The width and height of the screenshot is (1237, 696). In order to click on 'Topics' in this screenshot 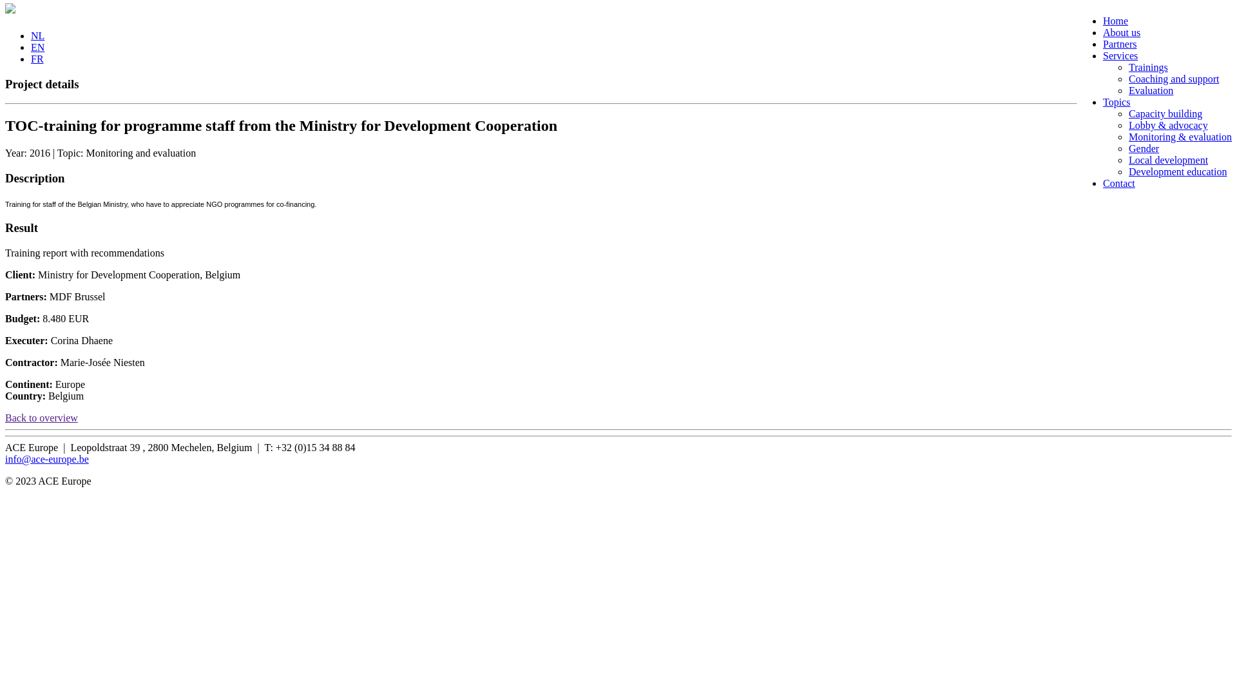, I will do `click(1102, 101)`.